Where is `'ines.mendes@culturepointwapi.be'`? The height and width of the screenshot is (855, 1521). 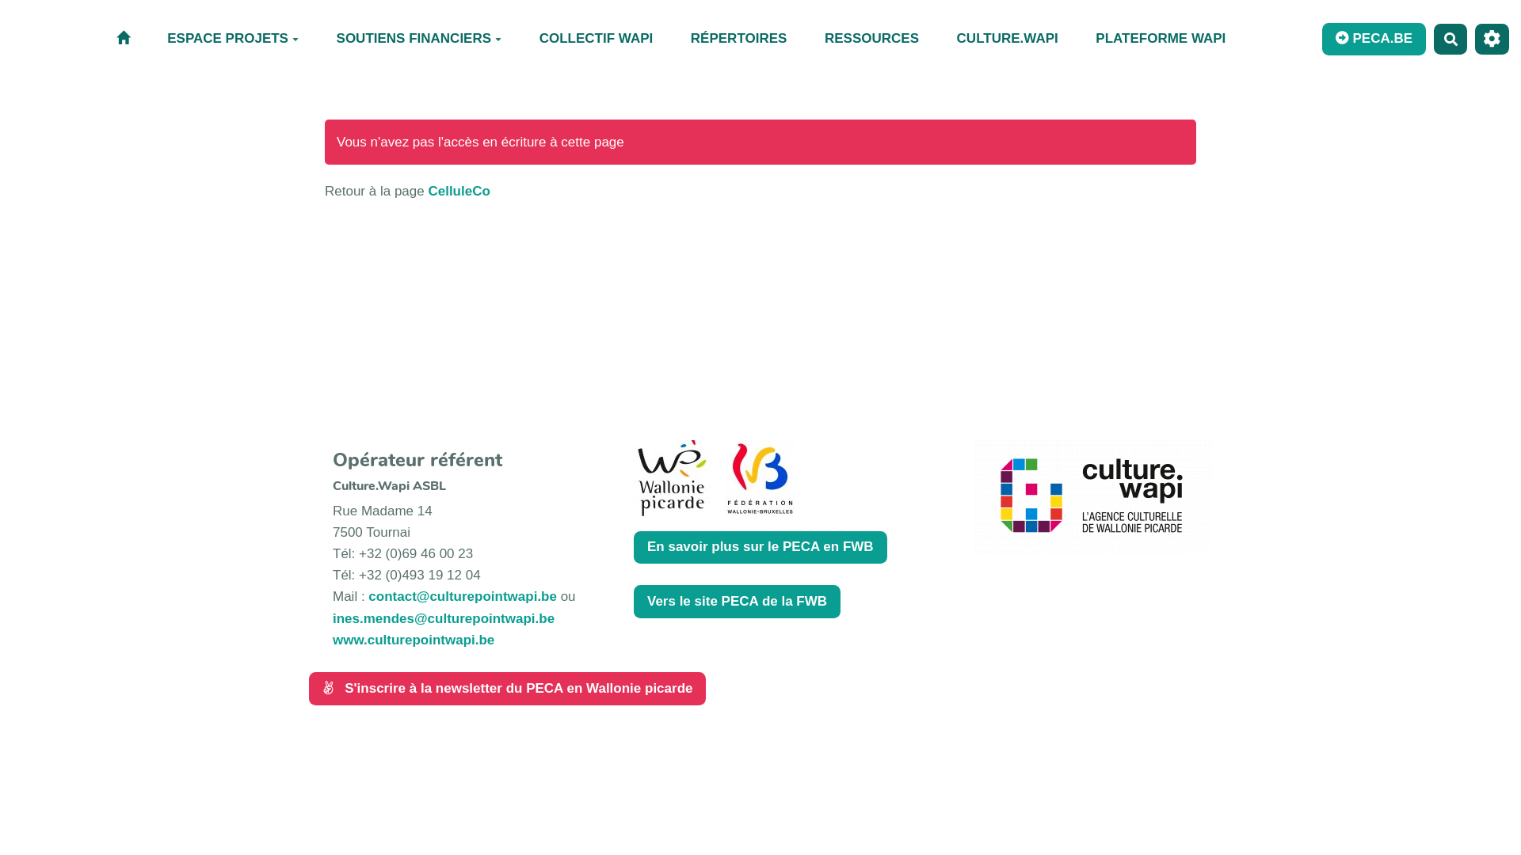 'ines.mendes@culturepointwapi.be' is located at coordinates (444, 617).